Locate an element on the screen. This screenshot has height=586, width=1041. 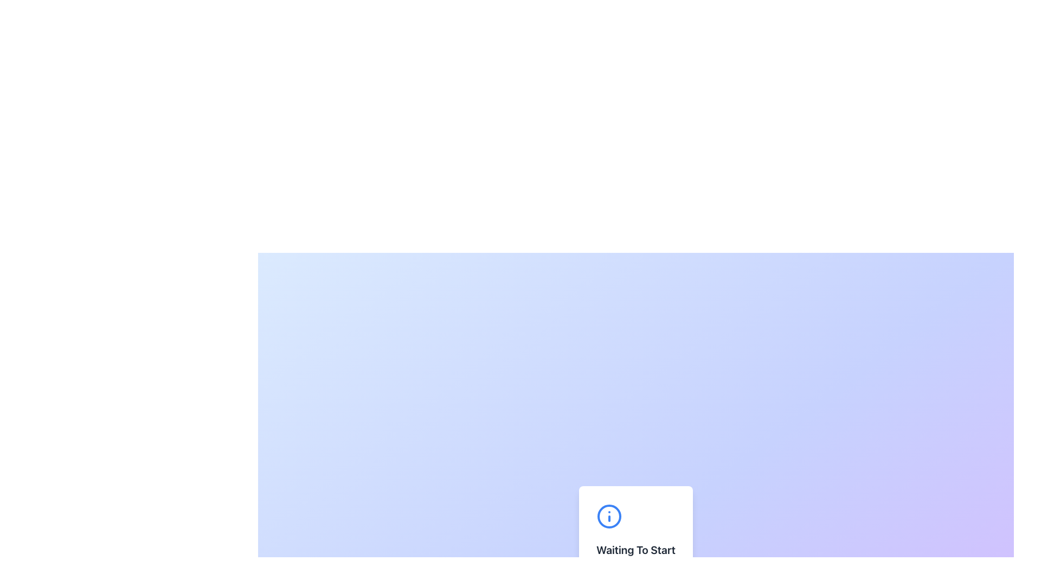
the static text element displaying 'Waiting to start', which is centrally positioned below an informational icon and above the 'Start Process' button is located at coordinates (635, 550).